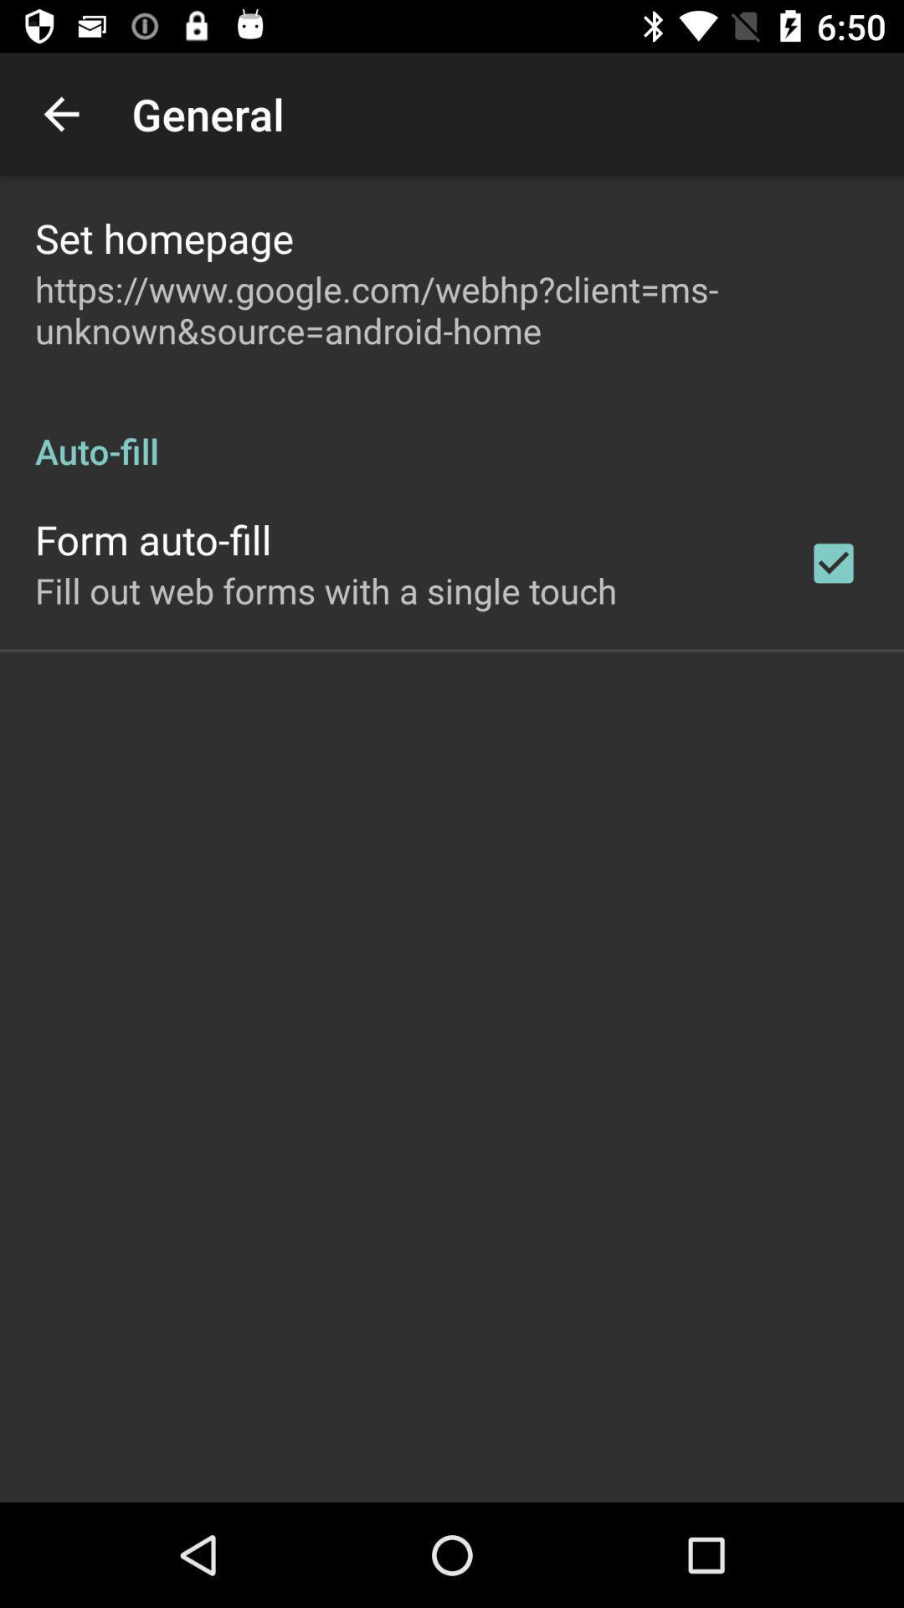 This screenshot has width=904, height=1608. What do you see at coordinates (326, 590) in the screenshot?
I see `item below the form auto-fill icon` at bounding box center [326, 590].